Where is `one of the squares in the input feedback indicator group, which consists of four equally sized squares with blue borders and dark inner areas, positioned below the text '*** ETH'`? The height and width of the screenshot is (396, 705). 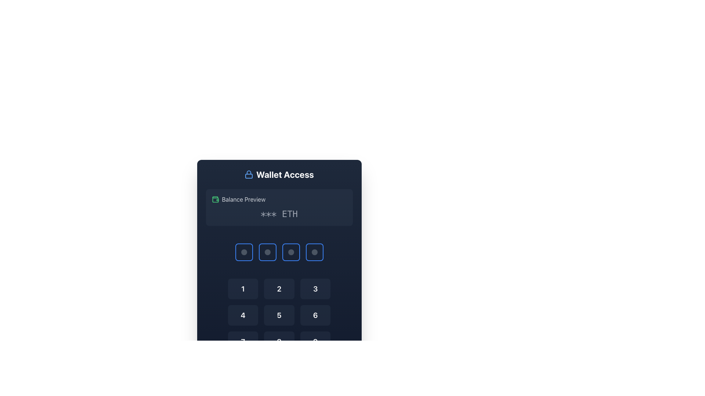 one of the squares in the input feedback indicator group, which consists of four equally sized squares with blue borders and dark inner areas, positioned below the text '*** ETH' is located at coordinates (279, 252).